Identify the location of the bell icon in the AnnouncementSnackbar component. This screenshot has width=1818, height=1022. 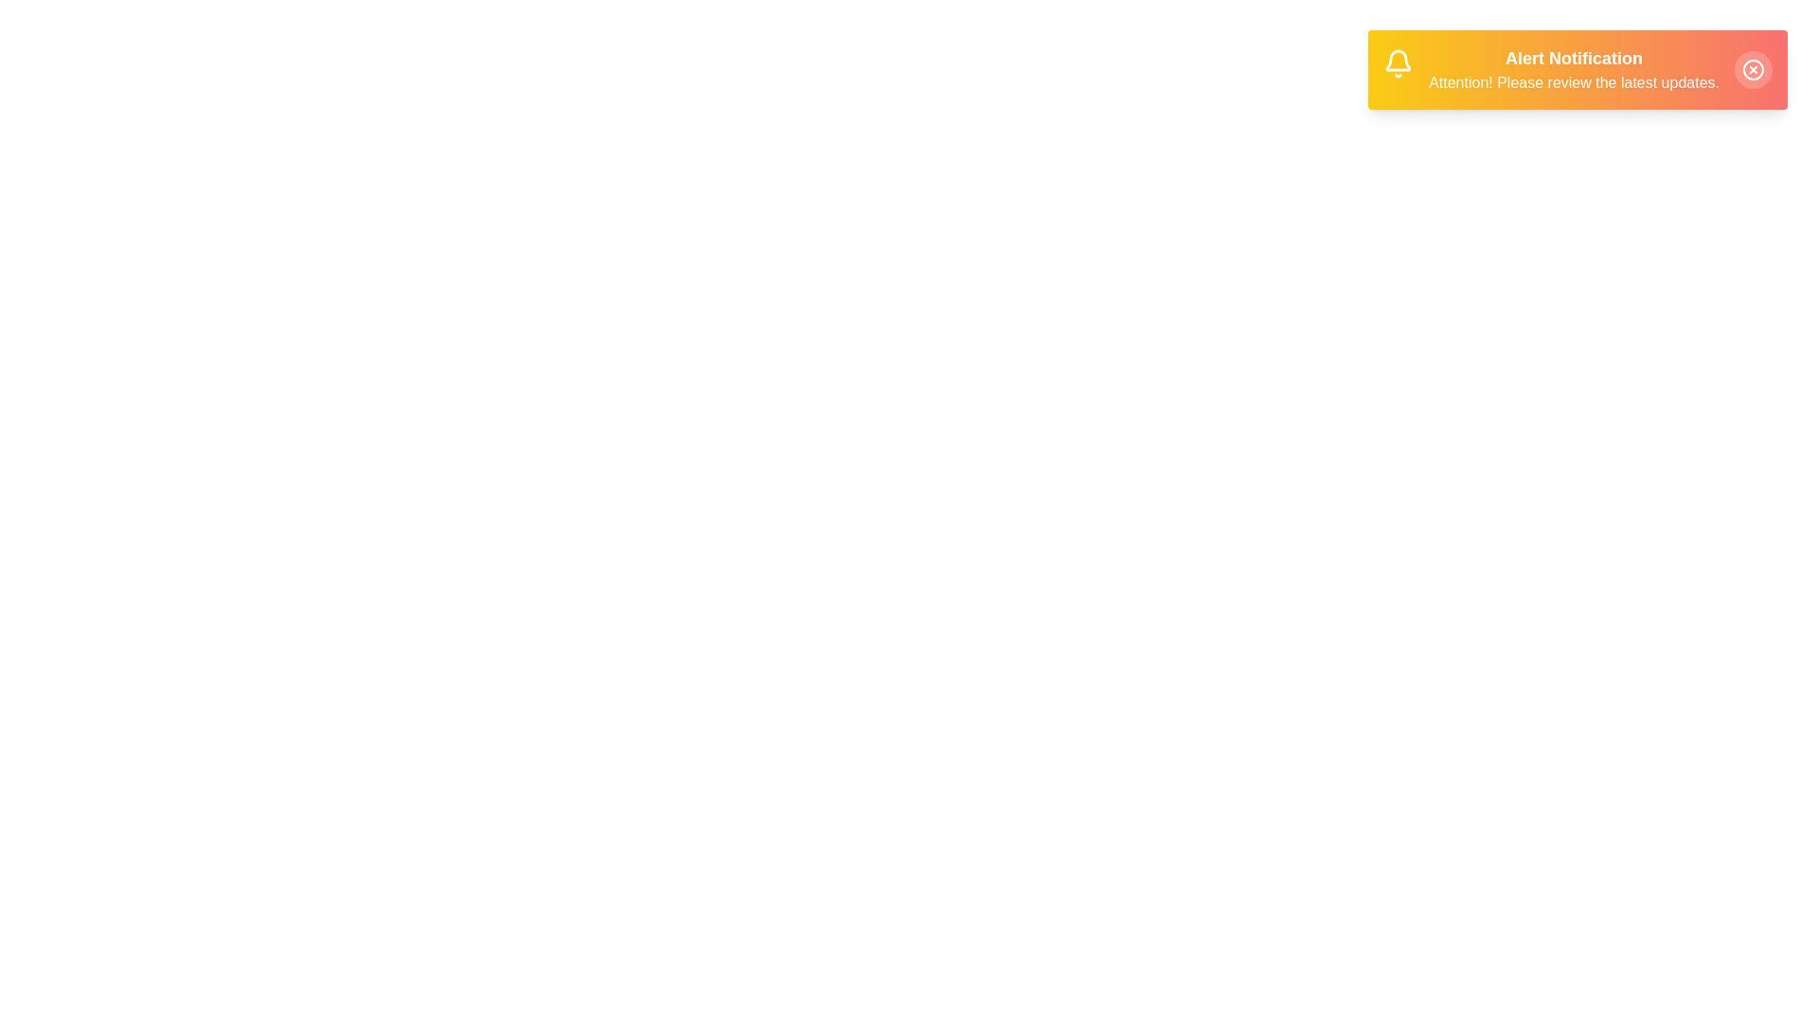
(1399, 64).